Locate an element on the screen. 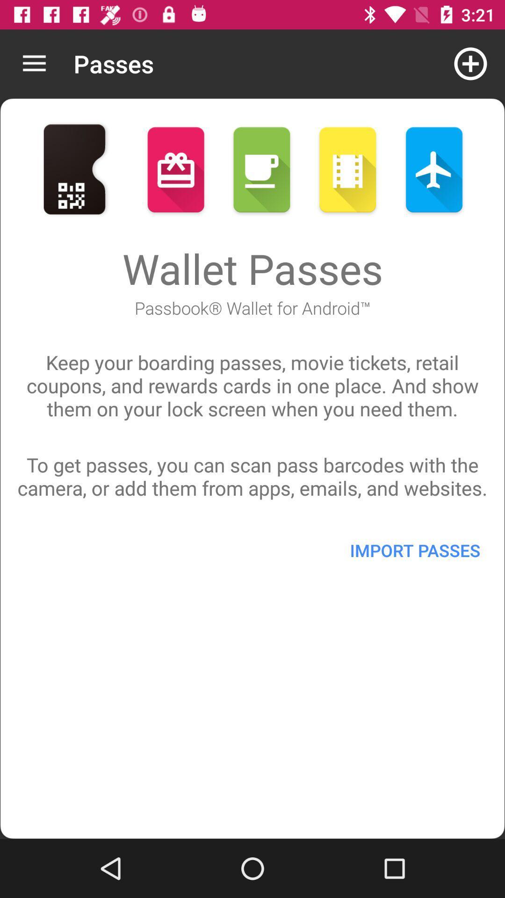  import passes is located at coordinates (414, 550).